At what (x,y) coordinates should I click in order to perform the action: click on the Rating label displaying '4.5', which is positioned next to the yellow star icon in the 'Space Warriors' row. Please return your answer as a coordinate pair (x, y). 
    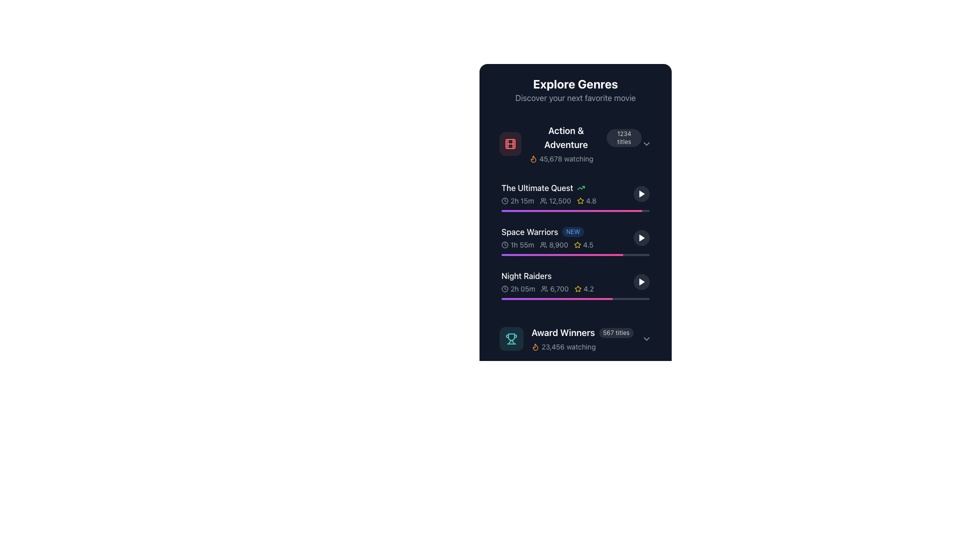
    Looking at the image, I should click on (588, 244).